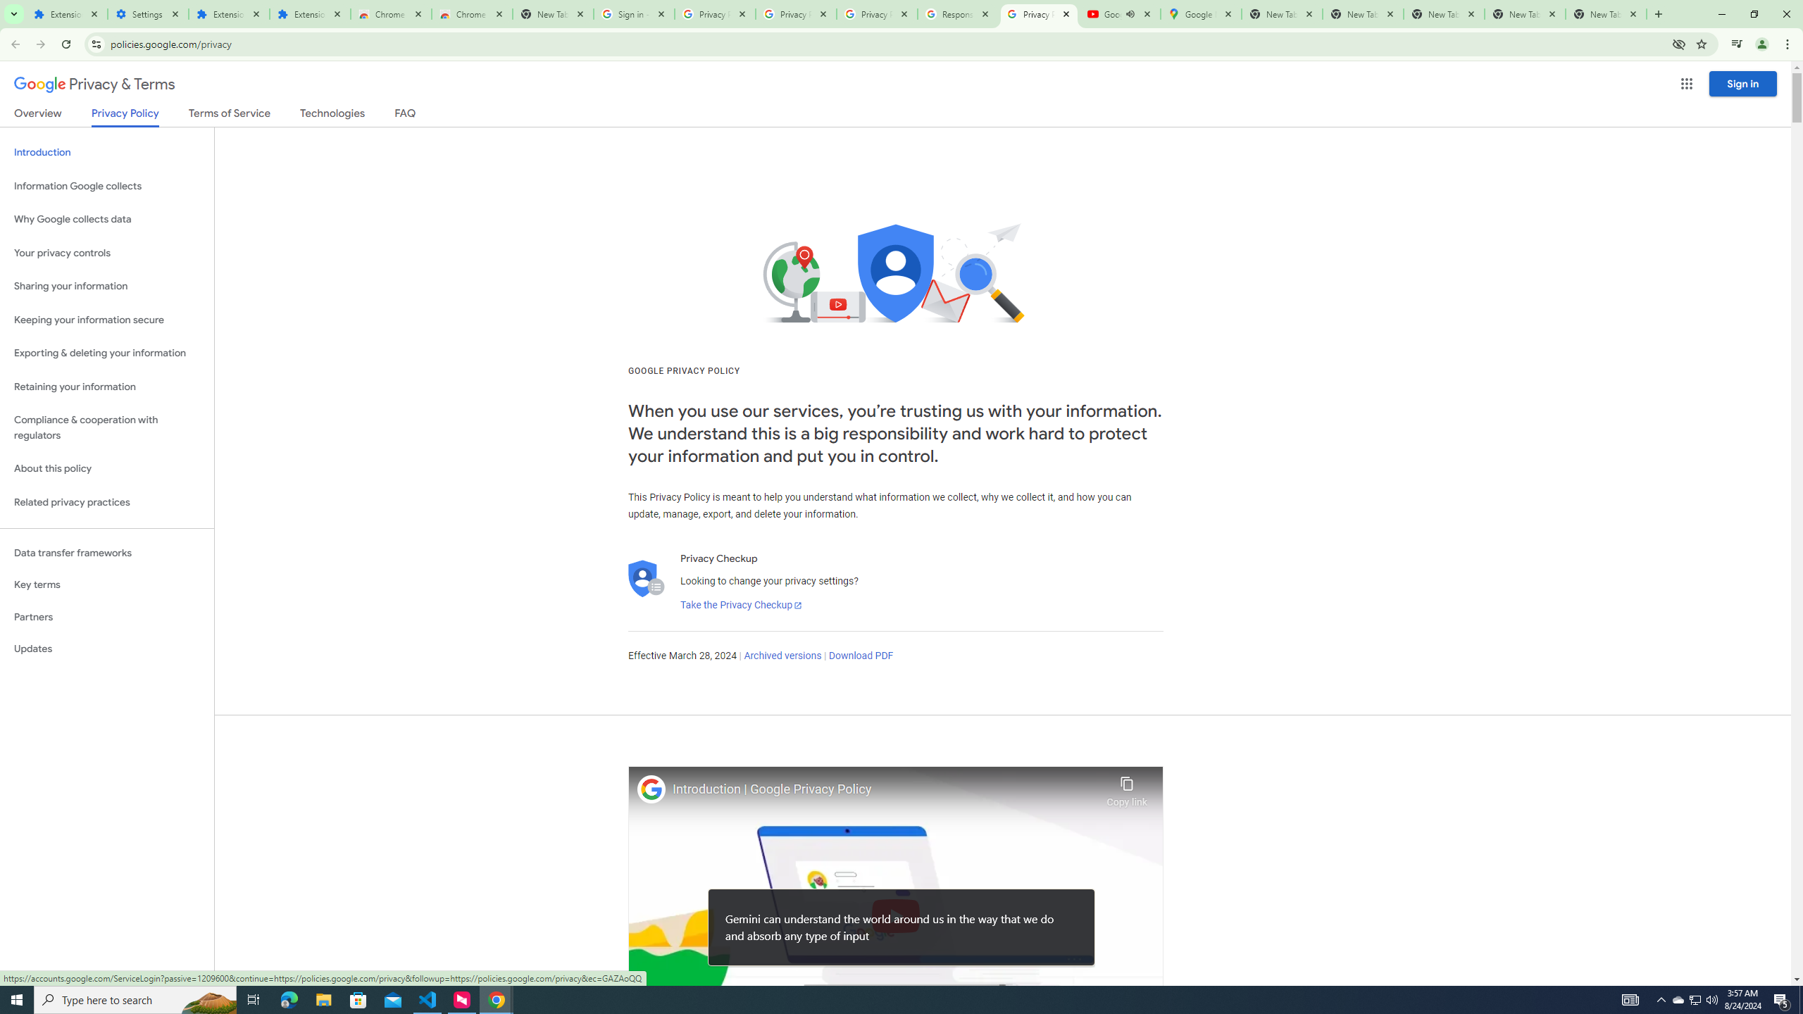 Image resolution: width=1803 pixels, height=1014 pixels. I want to click on 'Why Google collects data', so click(106, 218).